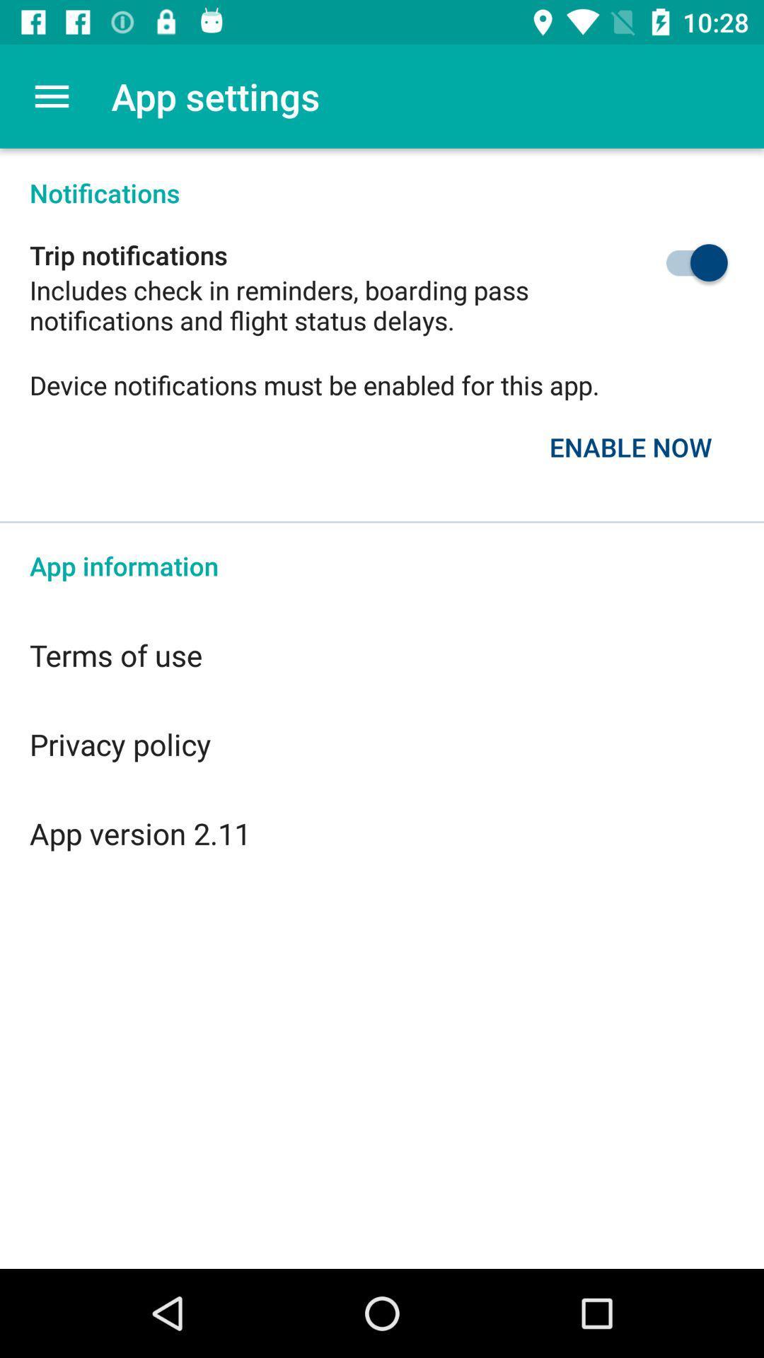 This screenshot has width=764, height=1358. Describe the element at coordinates (664, 262) in the screenshot. I see `icon to the right of the includes check in icon` at that location.